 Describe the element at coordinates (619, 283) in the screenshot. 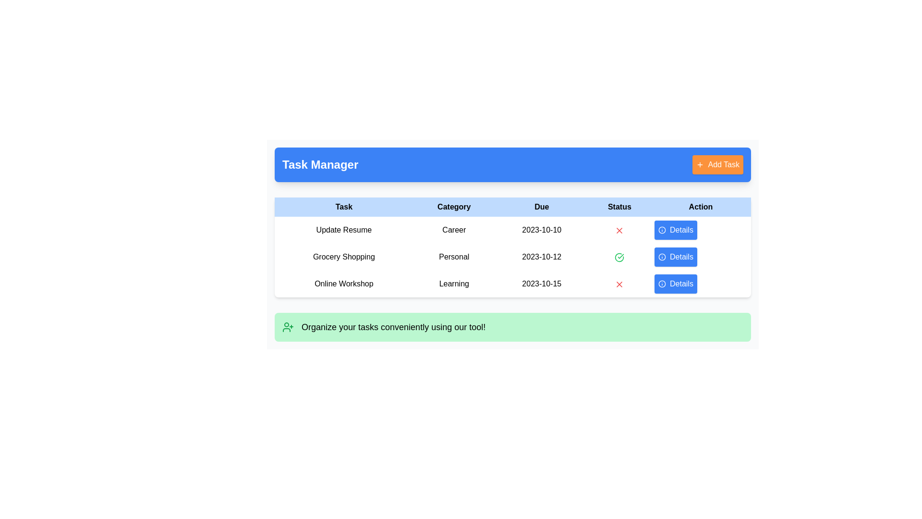

I see `the isolated red 'X' icon in the 'Status' column of the 'Online Workshop' row in the table` at that location.